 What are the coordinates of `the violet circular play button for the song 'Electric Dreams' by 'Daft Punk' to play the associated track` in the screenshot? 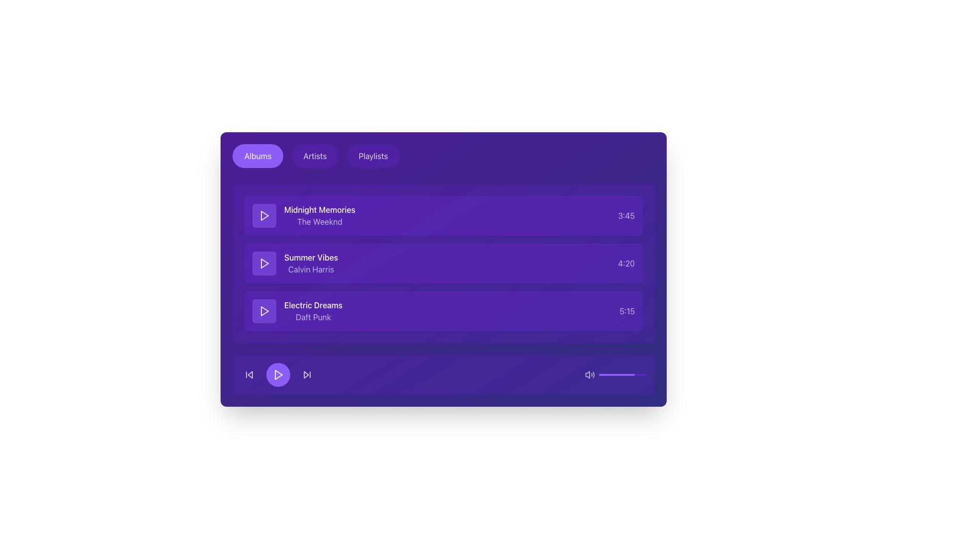 It's located at (264, 310).